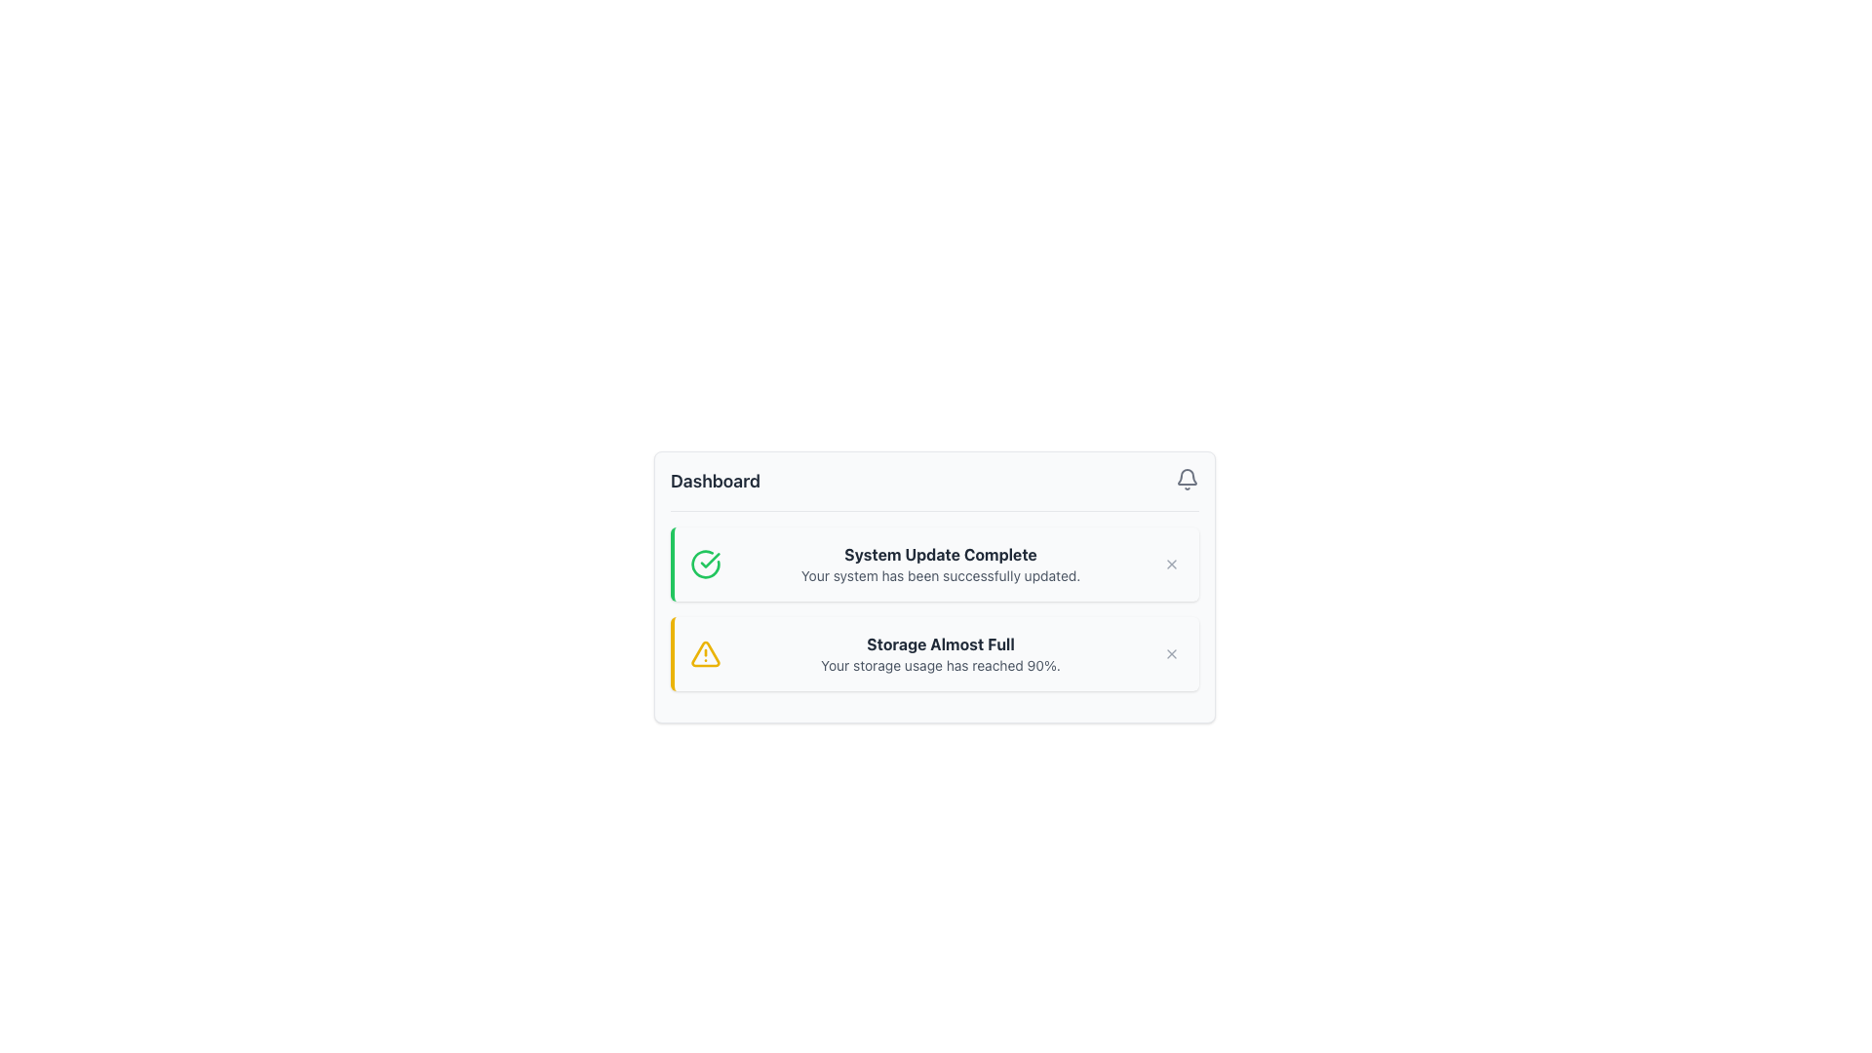  I want to click on the Text Display element that alerts the user about their storage status, which indicates a warning about reaching 90% of storage usage, so click(940, 654).